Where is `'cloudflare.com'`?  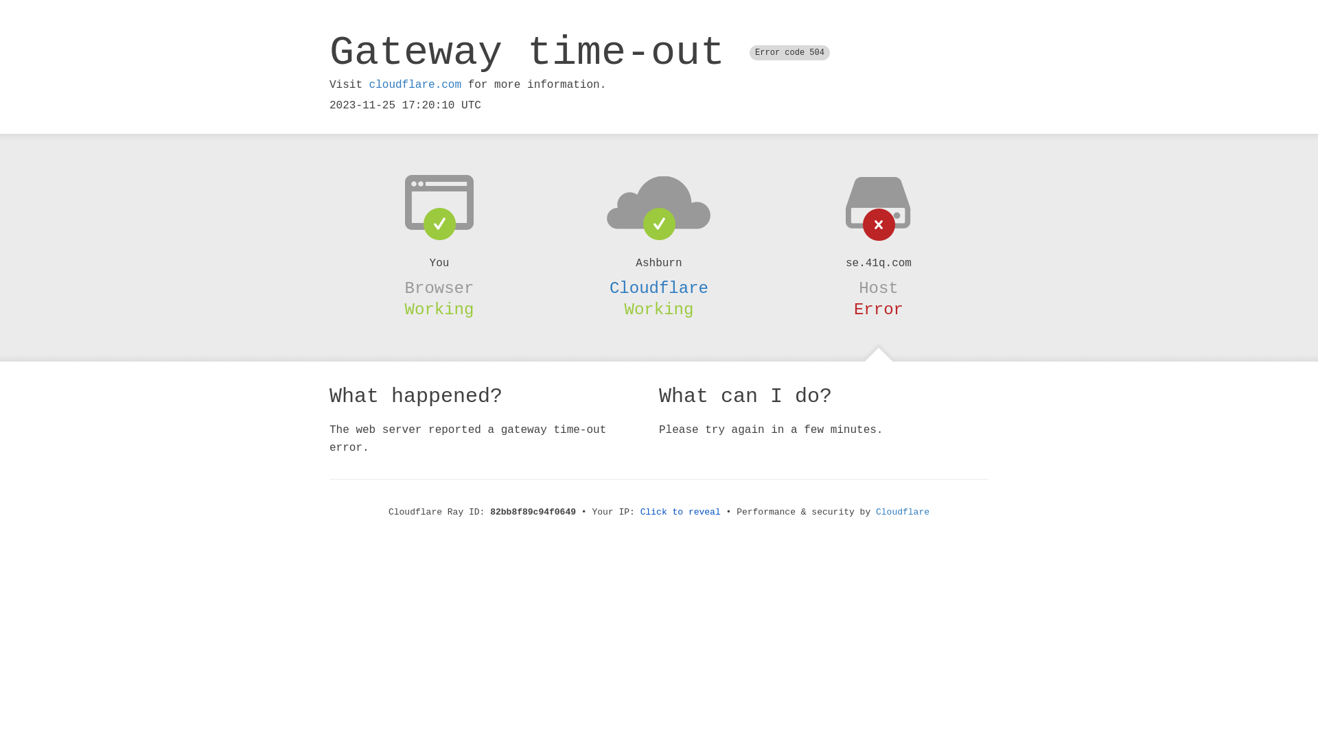
'cloudflare.com' is located at coordinates (369, 84).